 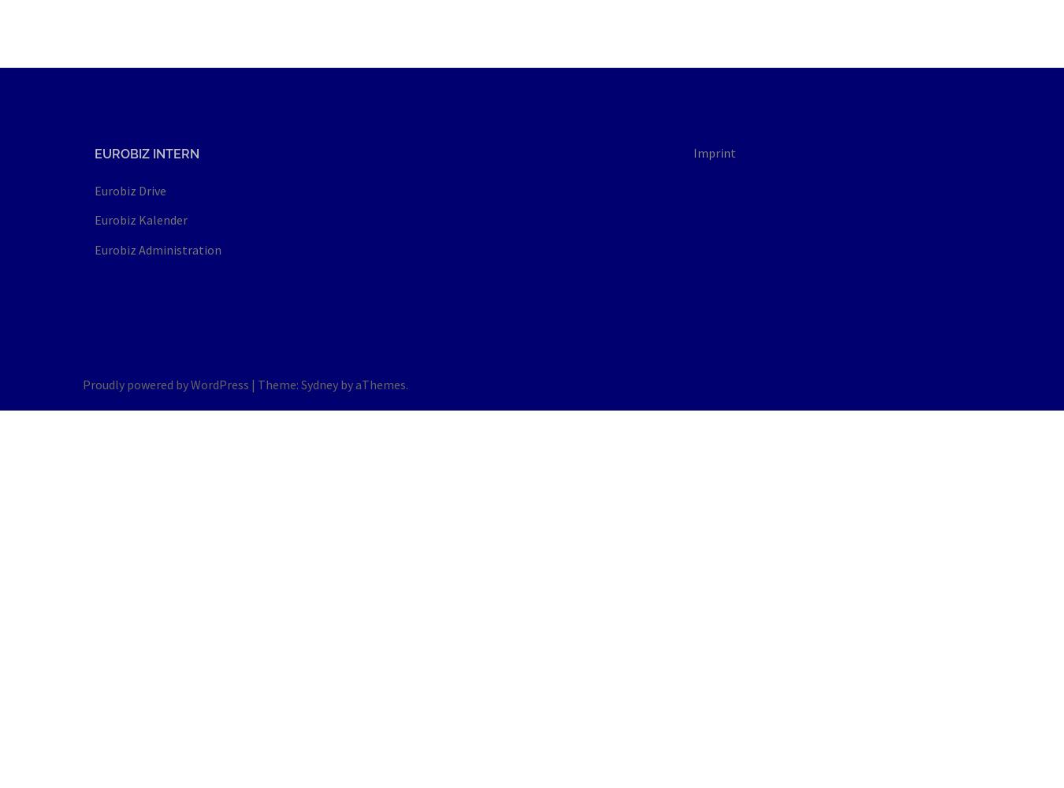 I want to click on 'Eurobiz Drive', so click(x=130, y=190).